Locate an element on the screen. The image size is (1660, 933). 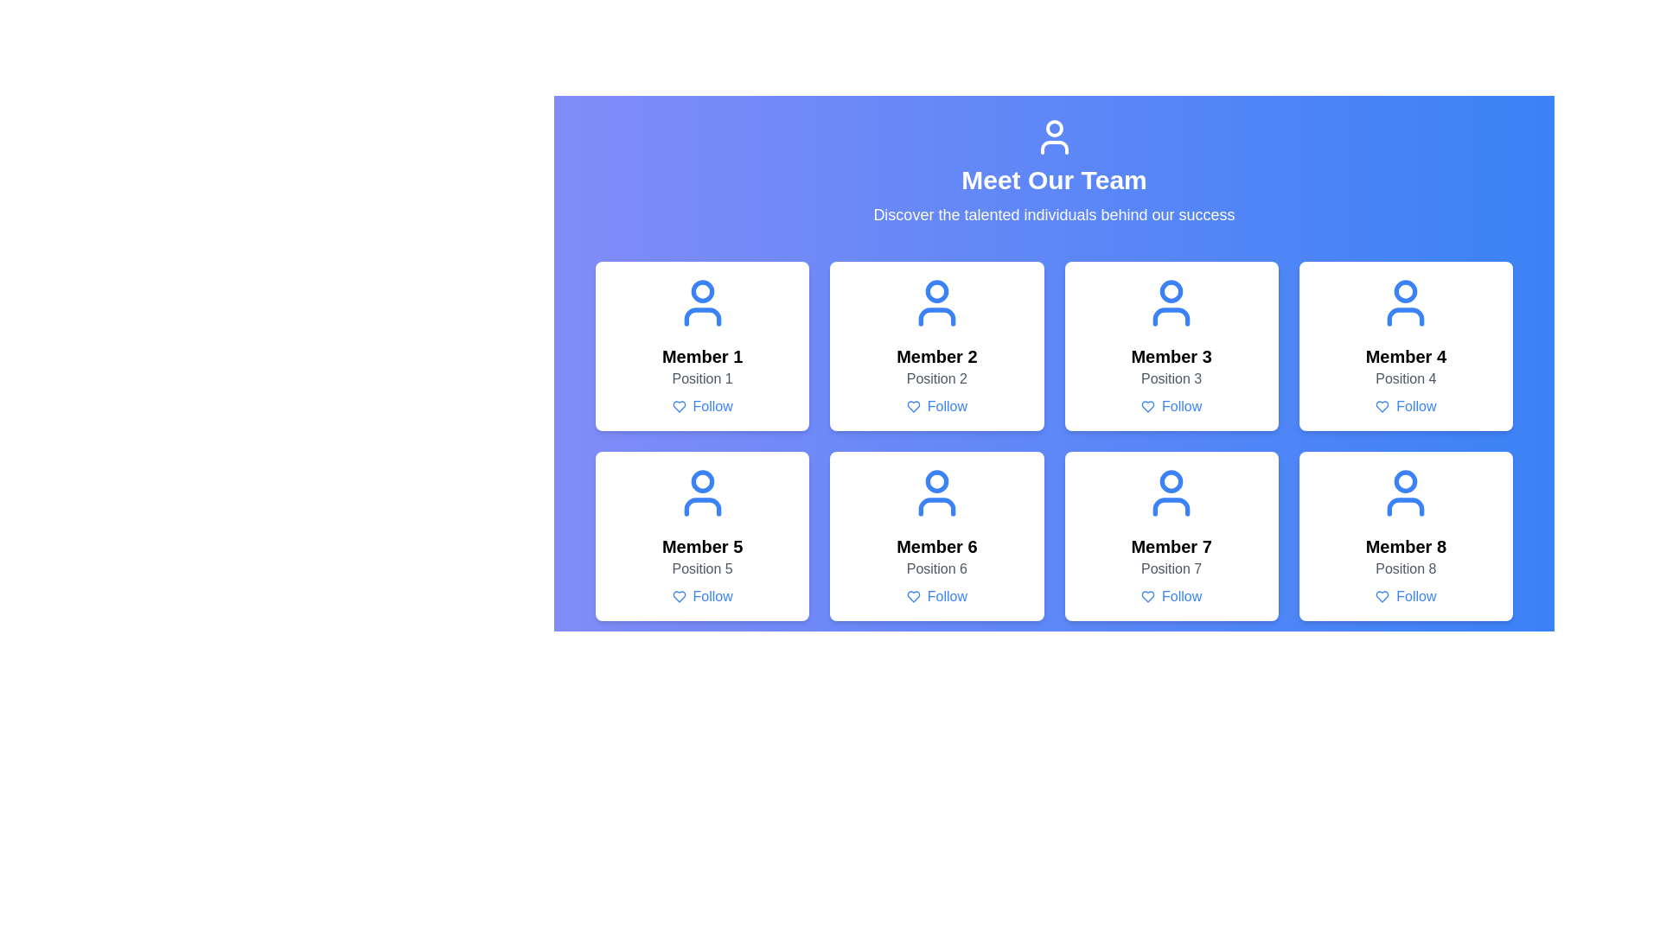
the Text Display element that serves as the title or name of a member in the grid layout, located in the second row and first column of the card structure is located at coordinates (702, 546).